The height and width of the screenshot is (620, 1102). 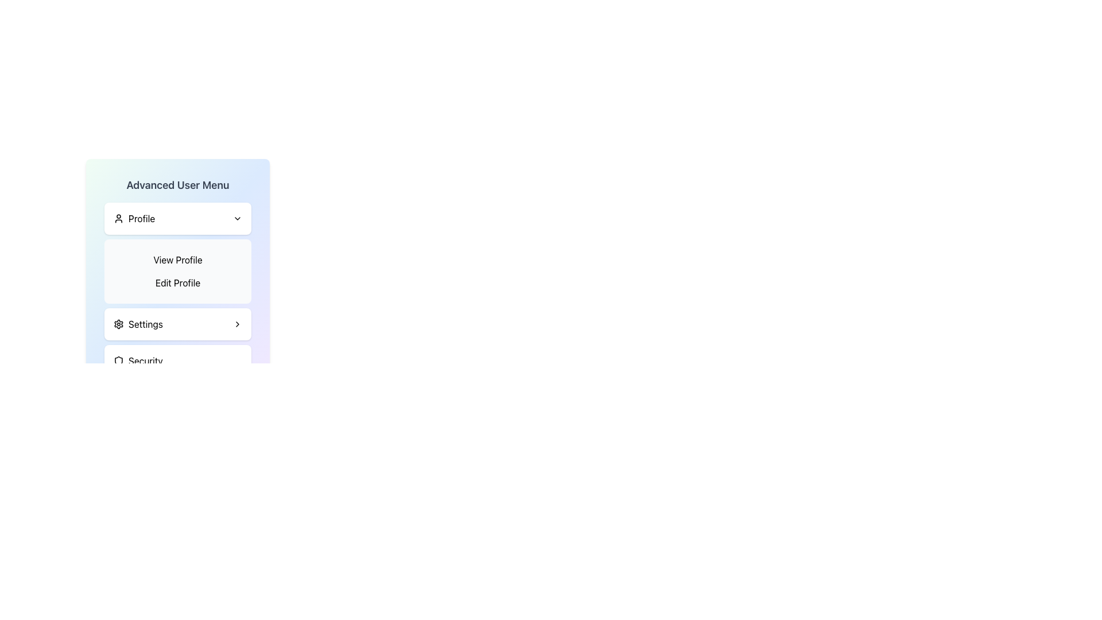 What do you see at coordinates (177, 324) in the screenshot?
I see `the 'Settings' button located in the third position of the vertical menu, beneath 'View Profile' and 'Edit Profile'` at bounding box center [177, 324].